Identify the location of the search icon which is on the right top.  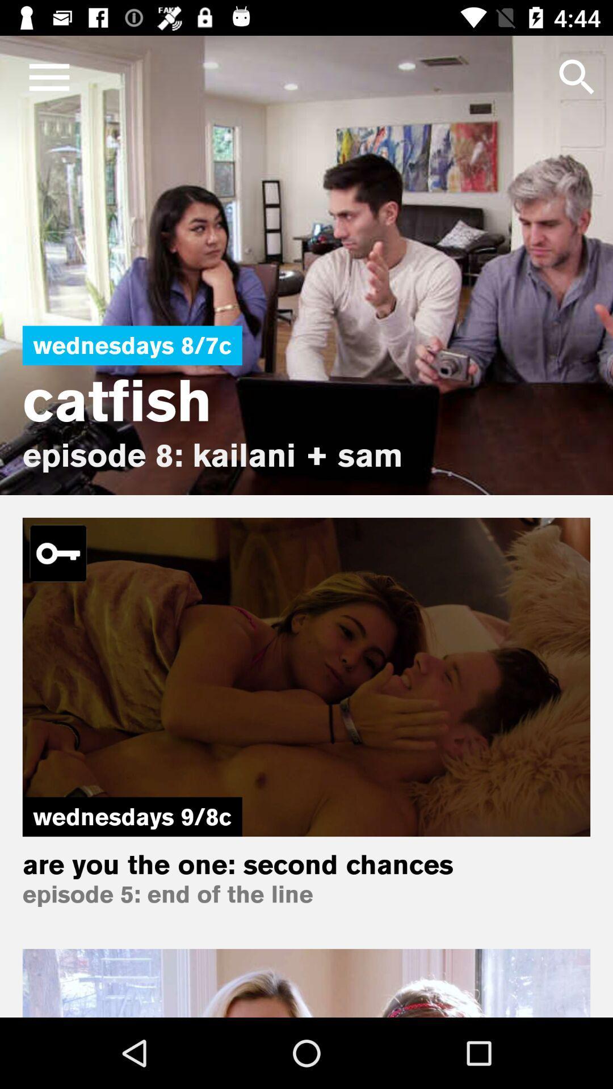
(577, 77).